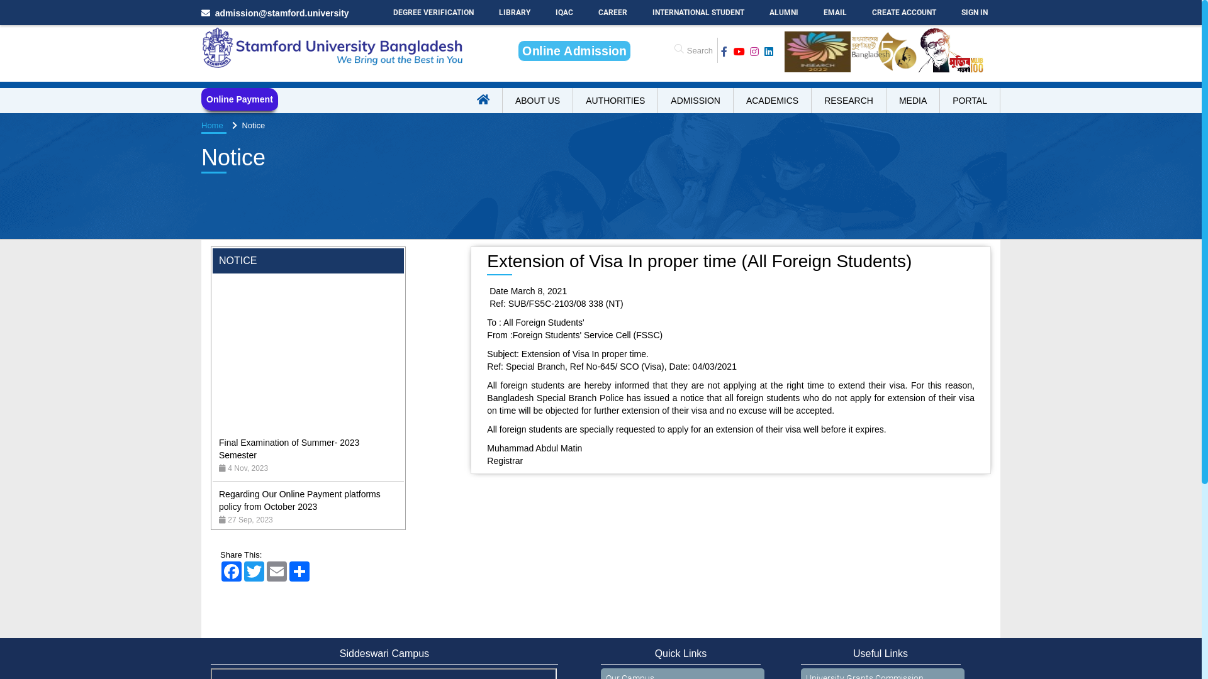 Image resolution: width=1208 pixels, height=679 pixels. What do you see at coordinates (242, 571) in the screenshot?
I see `'Twitter'` at bounding box center [242, 571].